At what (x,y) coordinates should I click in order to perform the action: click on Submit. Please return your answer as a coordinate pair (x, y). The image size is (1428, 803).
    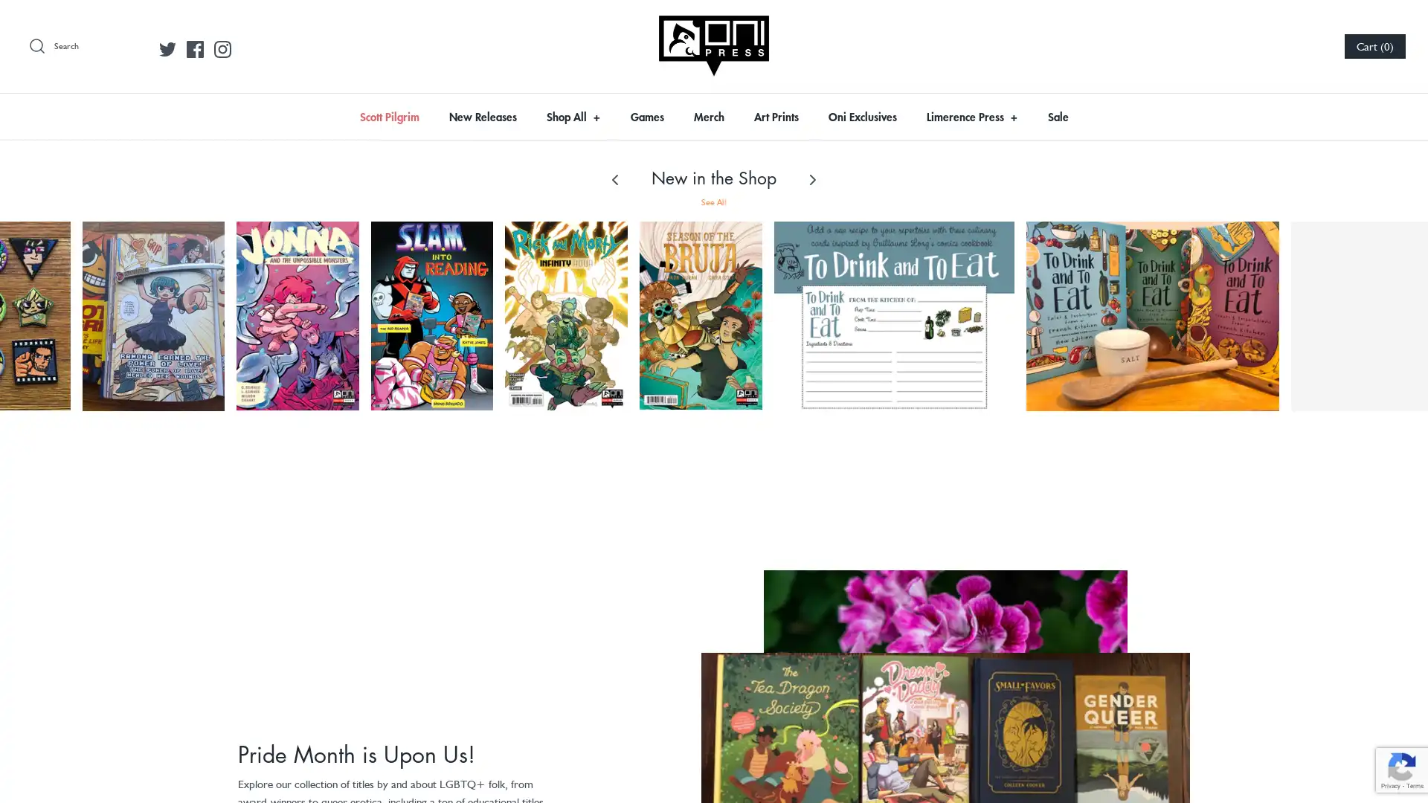
    Looking at the image, I should click on (135, 45).